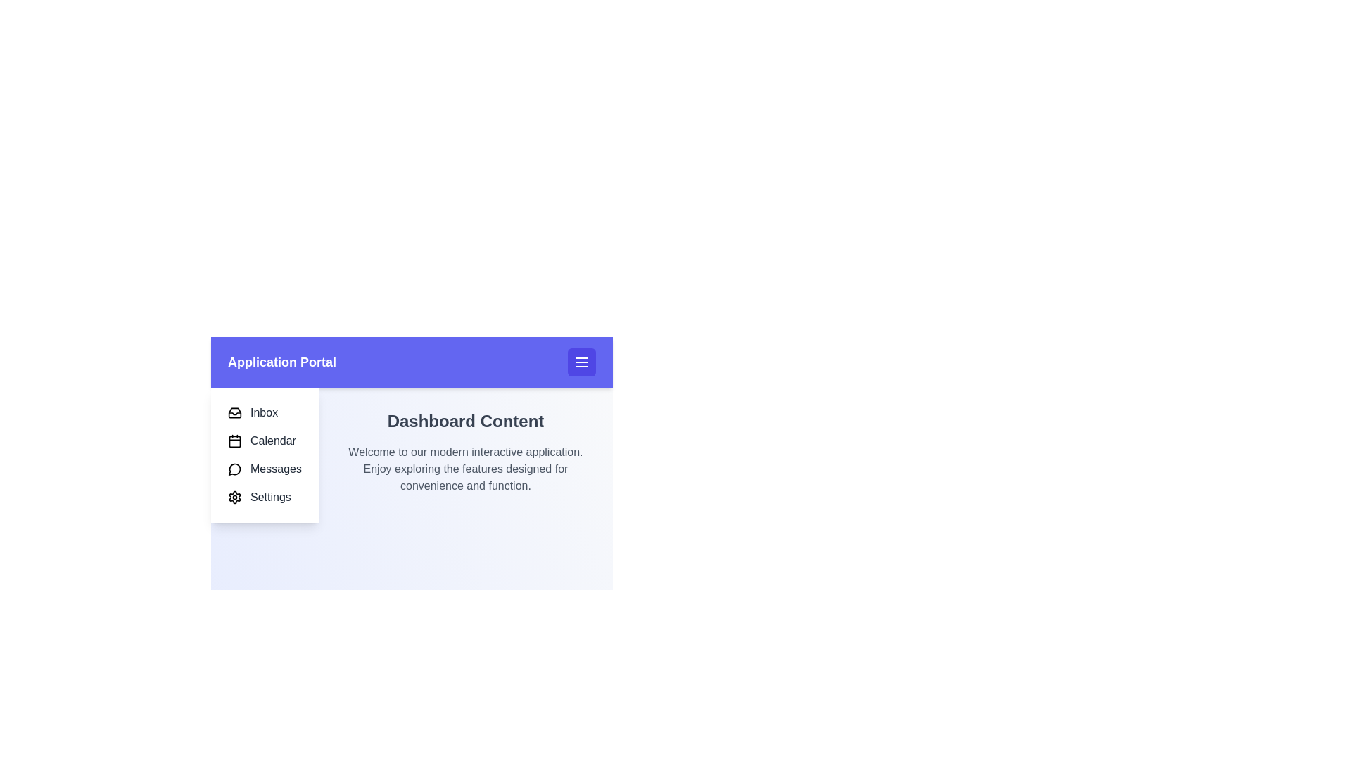  I want to click on the 'Calendar' text label in the vertical navigation panel, which is the second item below 'Inbox' and above 'Messages', so click(273, 441).